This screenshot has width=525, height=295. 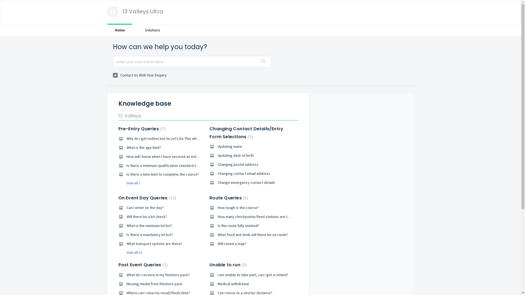 I want to click on 'What is the minimum kit list?', so click(x=149, y=225).